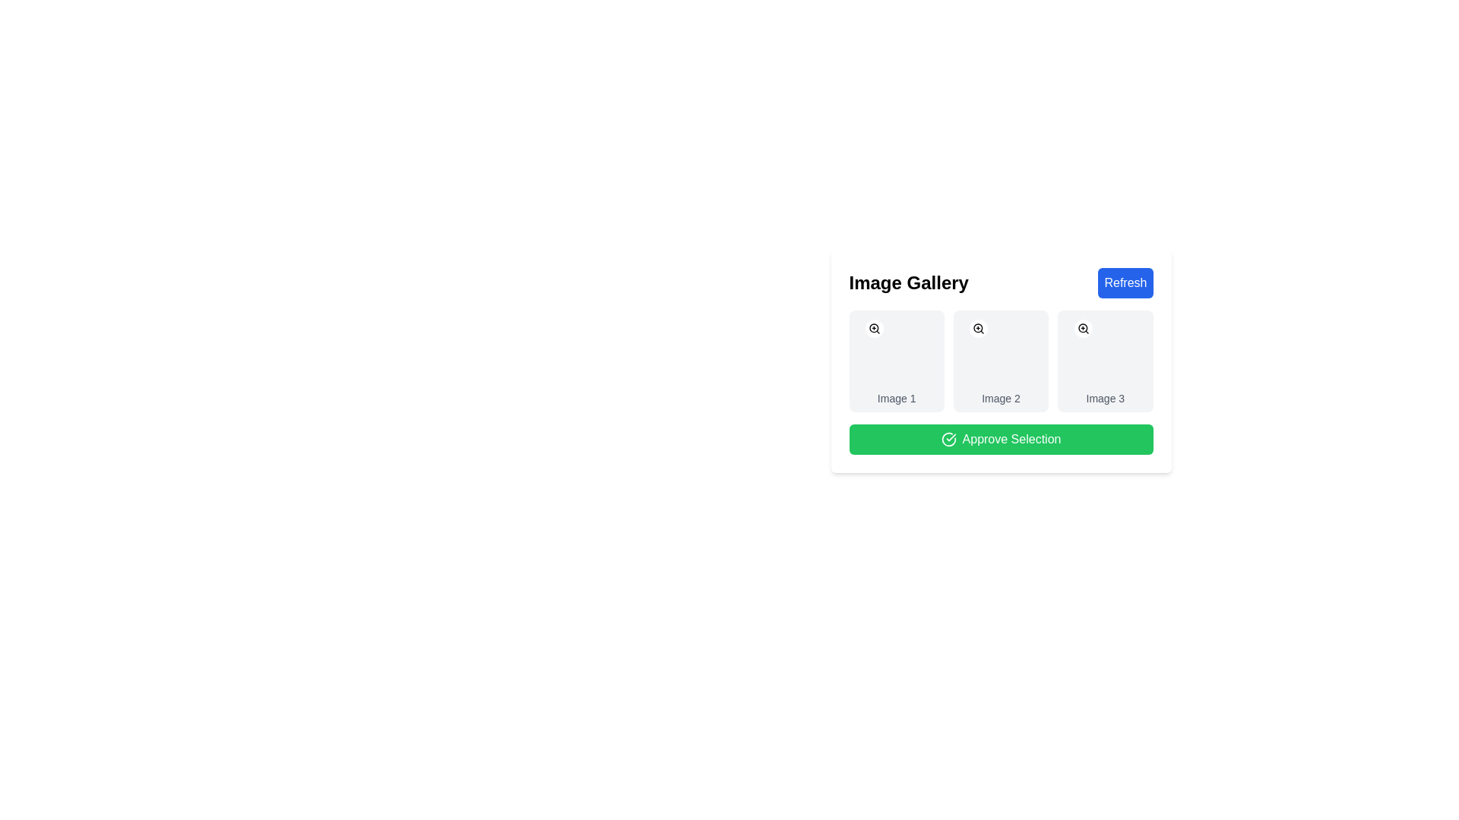 This screenshot has width=1459, height=820. Describe the element at coordinates (875, 327) in the screenshot. I see `the circular Icon Button with a white background and black magnifying glass icon located at the top-left corner of the thumbnail labeled 'Image 1'` at that location.